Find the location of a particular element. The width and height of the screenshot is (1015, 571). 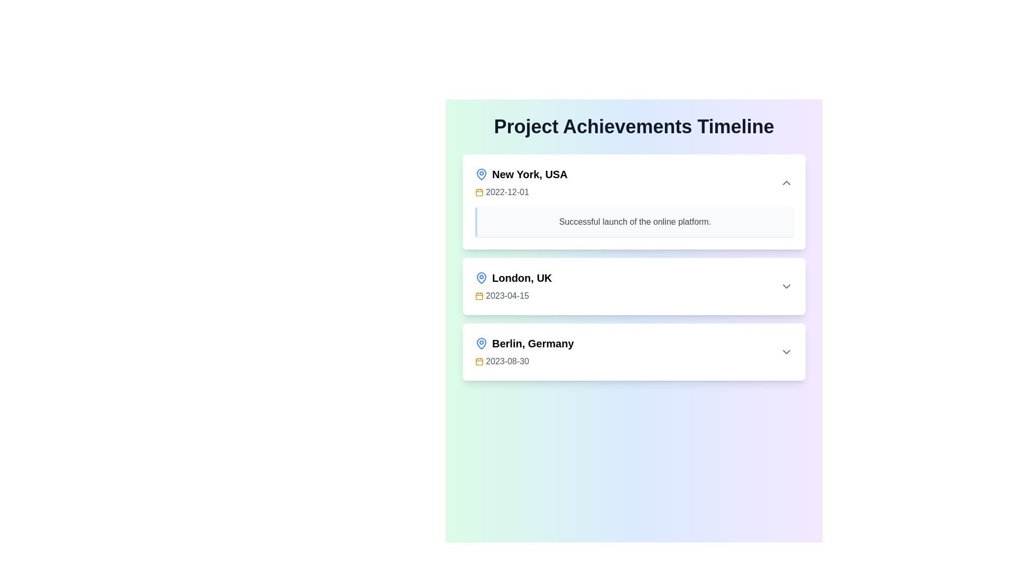

the Label with an Icon displaying the date '2023-08-30' that follows the location 'Berlin, Germany' in the list is located at coordinates (524, 361).